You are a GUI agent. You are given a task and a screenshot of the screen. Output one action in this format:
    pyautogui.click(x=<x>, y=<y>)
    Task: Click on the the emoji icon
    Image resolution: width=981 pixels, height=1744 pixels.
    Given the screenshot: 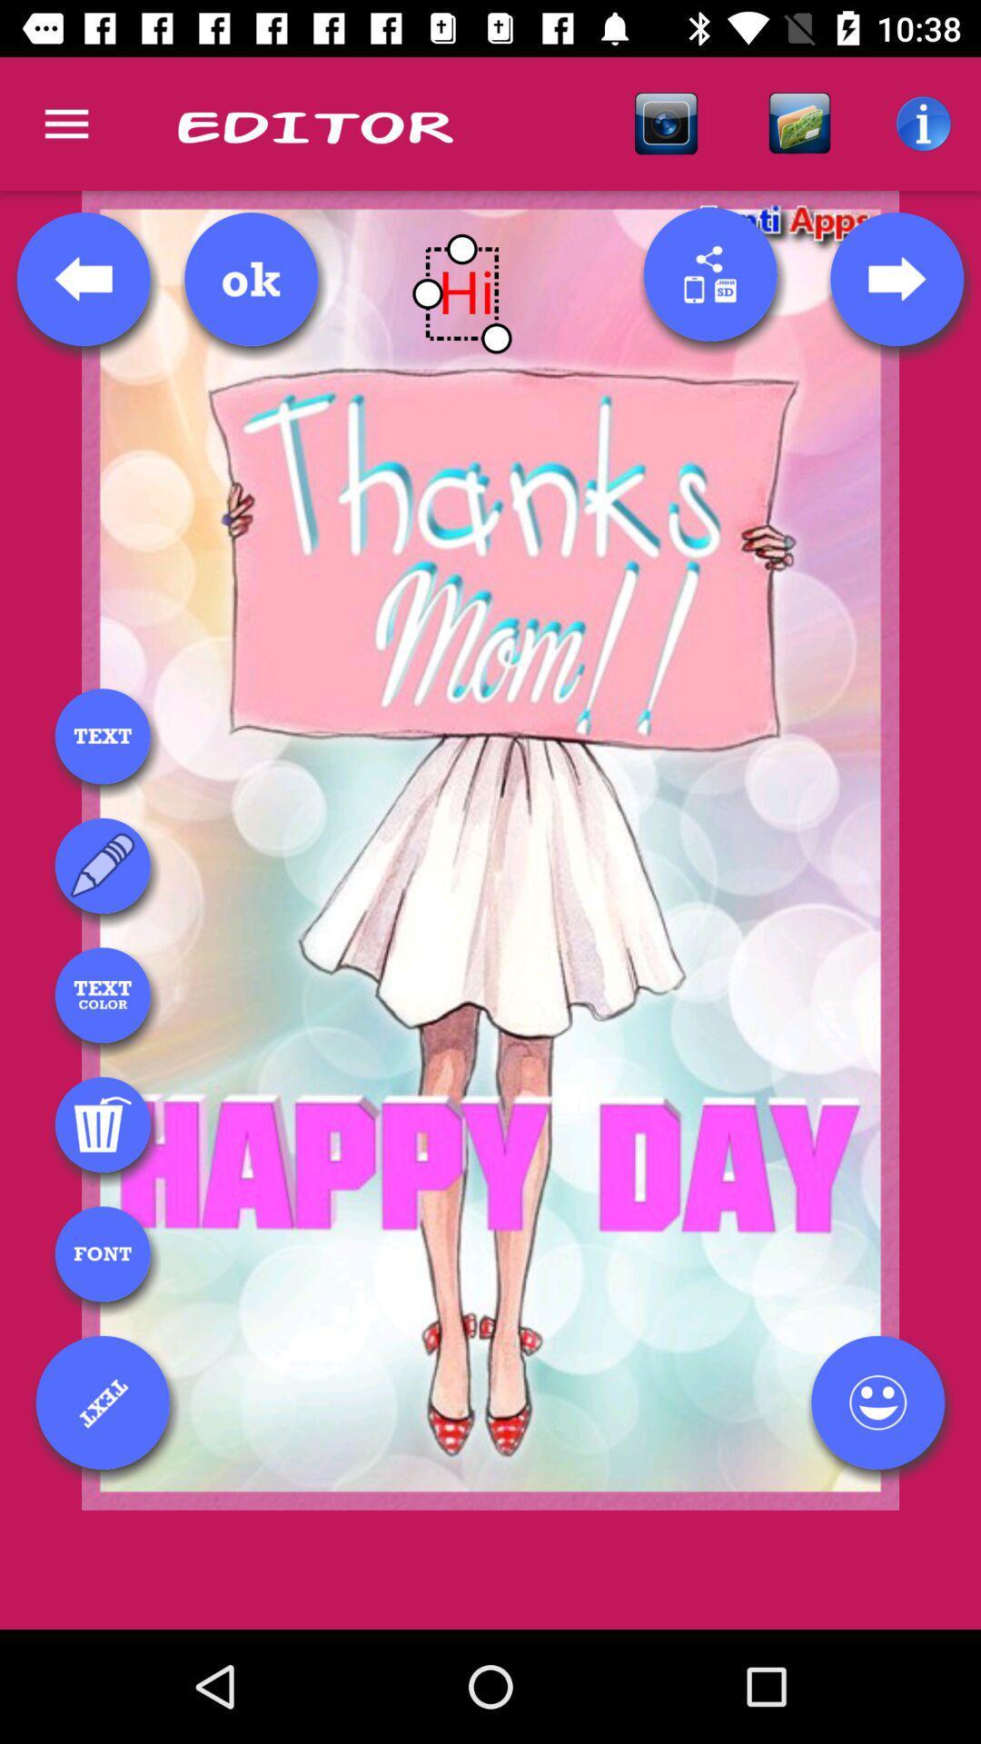 What is the action you would take?
    pyautogui.click(x=877, y=1402)
    